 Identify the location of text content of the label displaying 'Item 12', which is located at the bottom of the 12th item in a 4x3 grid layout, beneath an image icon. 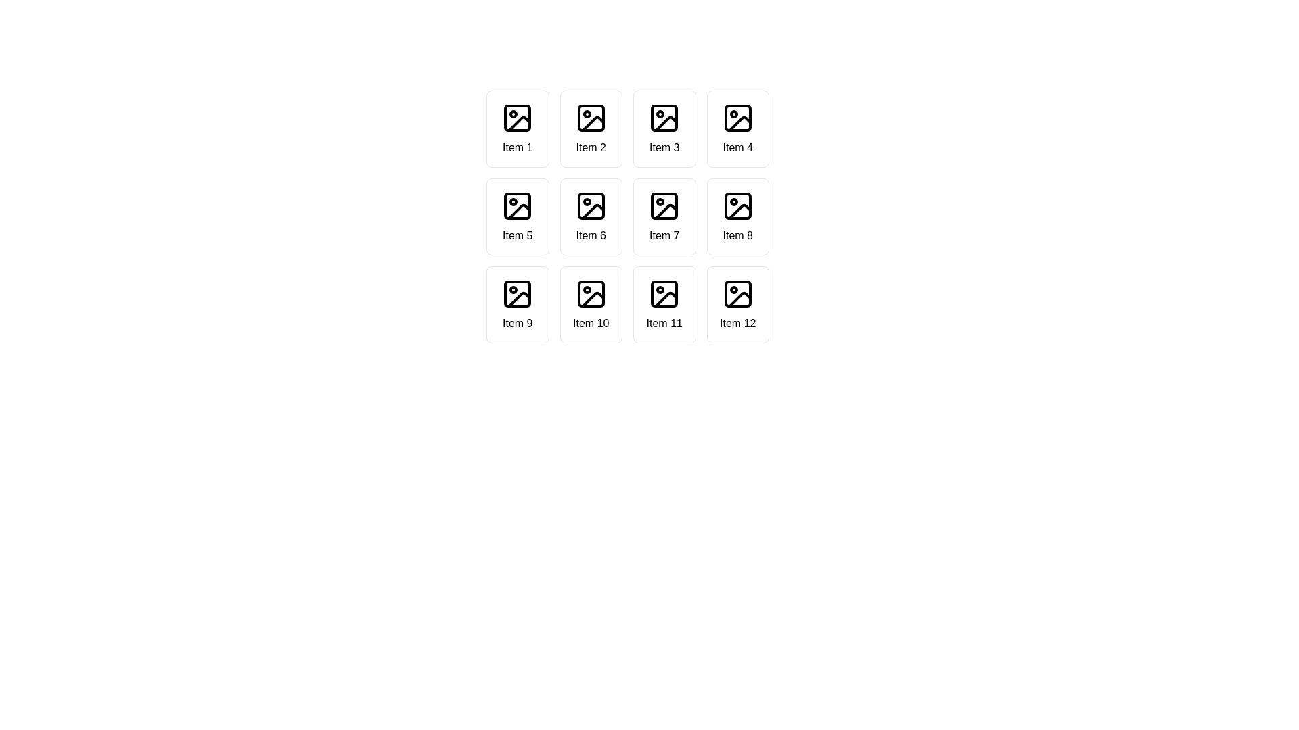
(737, 323).